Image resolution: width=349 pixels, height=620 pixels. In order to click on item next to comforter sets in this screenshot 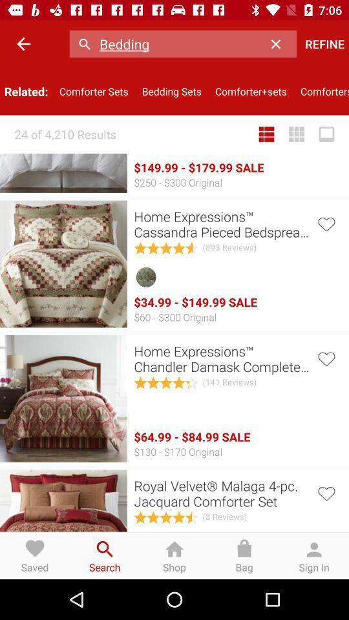, I will do `click(23, 44)`.